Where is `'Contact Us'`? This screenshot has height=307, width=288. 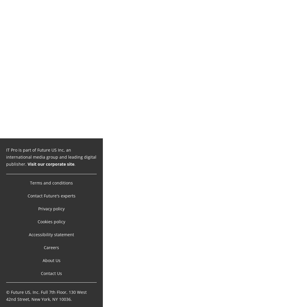 'Contact Us' is located at coordinates (51, 267).